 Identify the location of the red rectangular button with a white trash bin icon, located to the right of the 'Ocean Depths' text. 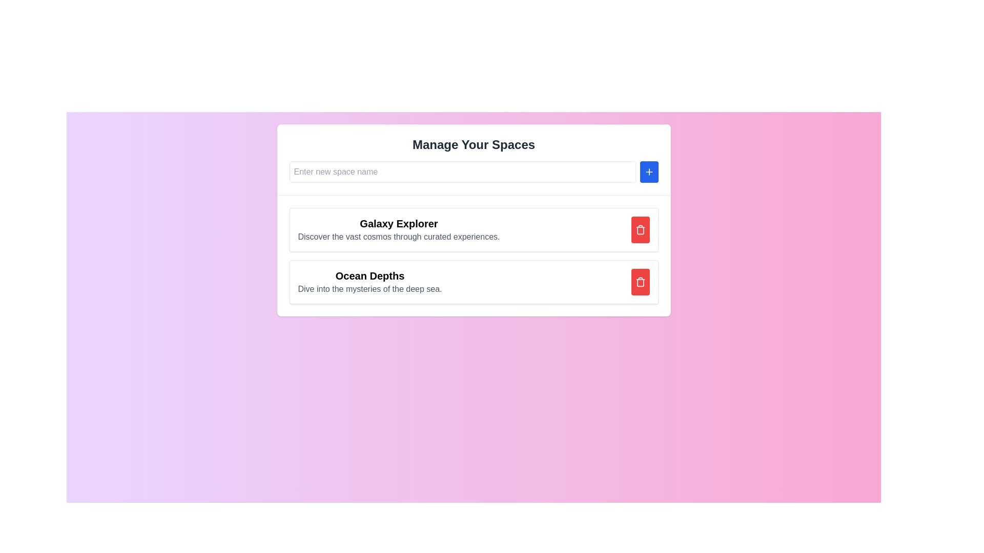
(640, 282).